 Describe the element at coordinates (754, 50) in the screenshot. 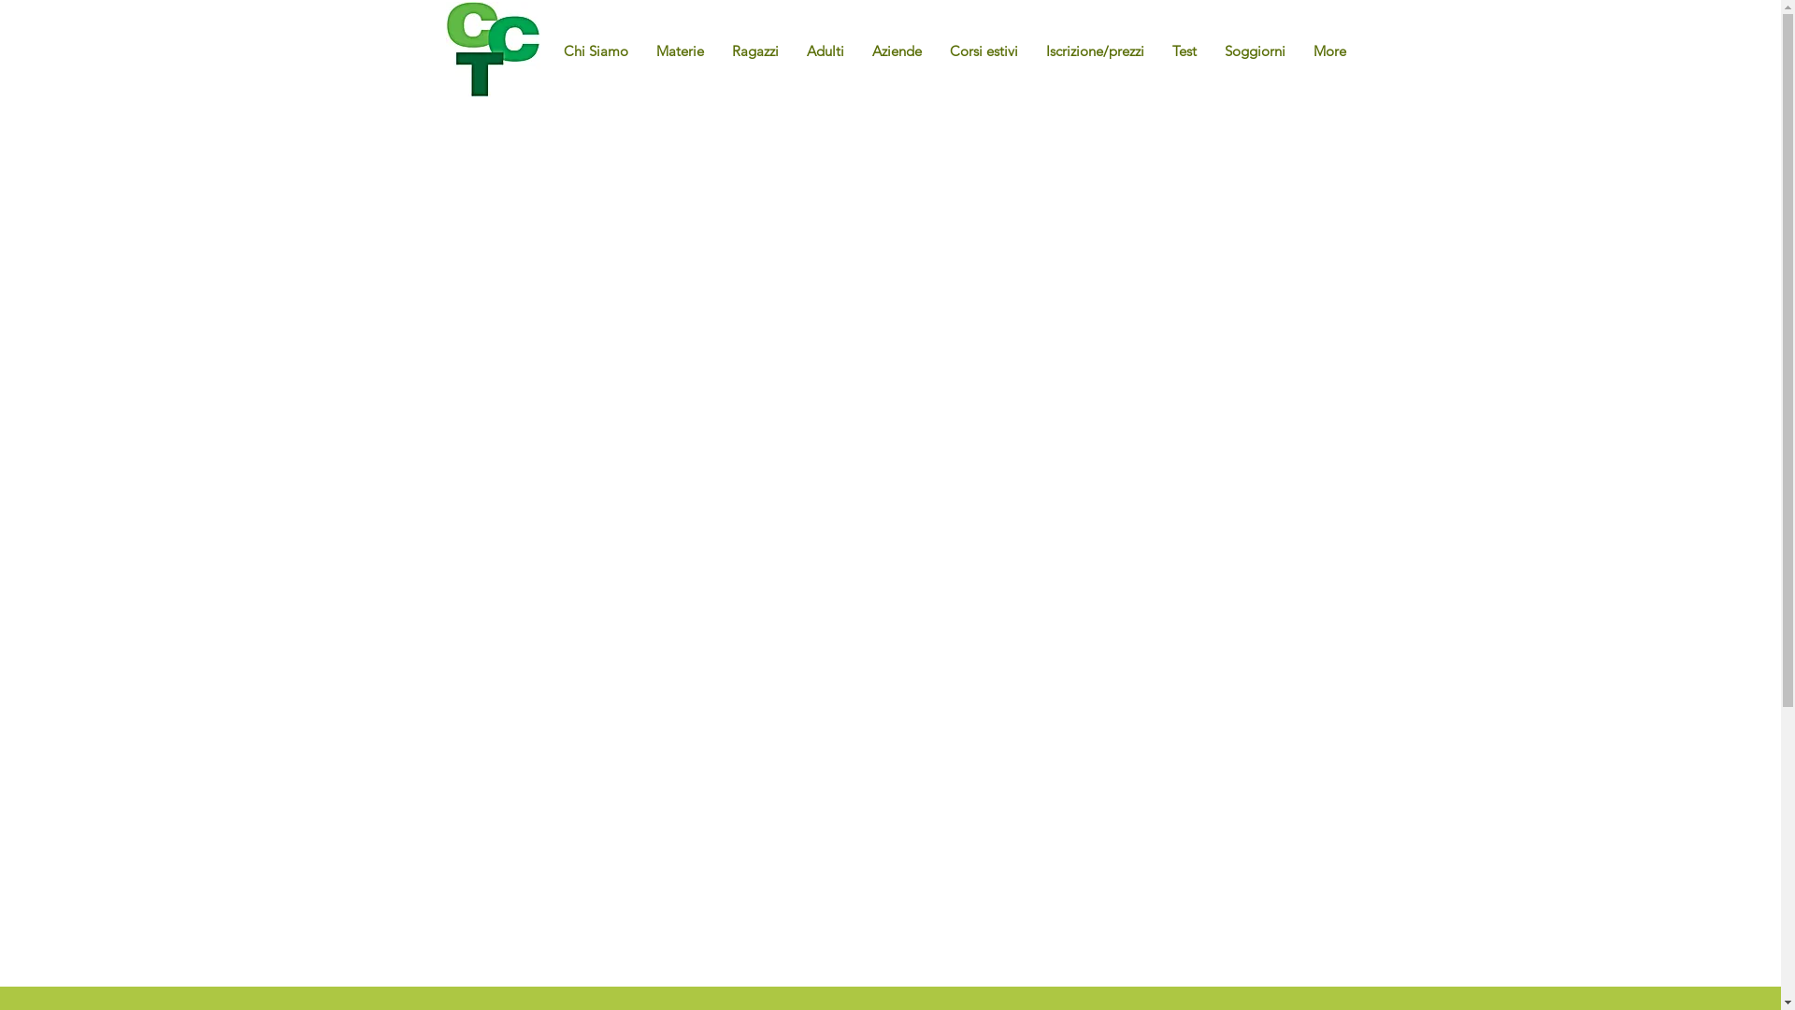

I see `'Ragazzi'` at that location.